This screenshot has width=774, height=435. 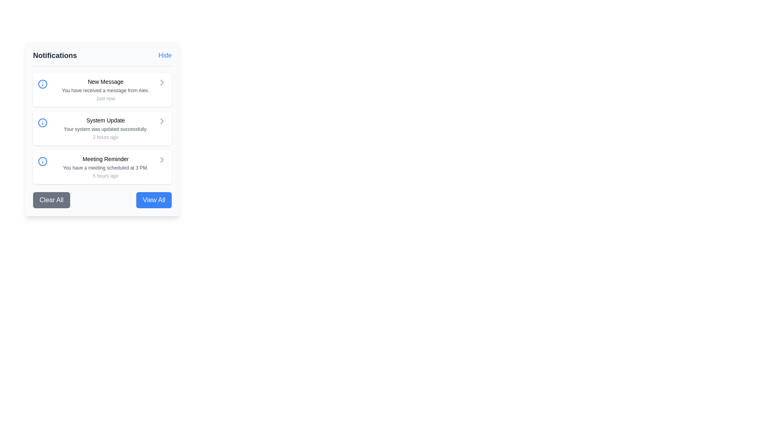 What do you see at coordinates (105, 120) in the screenshot?
I see `the Text Label that serves as the title for the notification in the second notification card under the 'Notifications' heading` at bounding box center [105, 120].